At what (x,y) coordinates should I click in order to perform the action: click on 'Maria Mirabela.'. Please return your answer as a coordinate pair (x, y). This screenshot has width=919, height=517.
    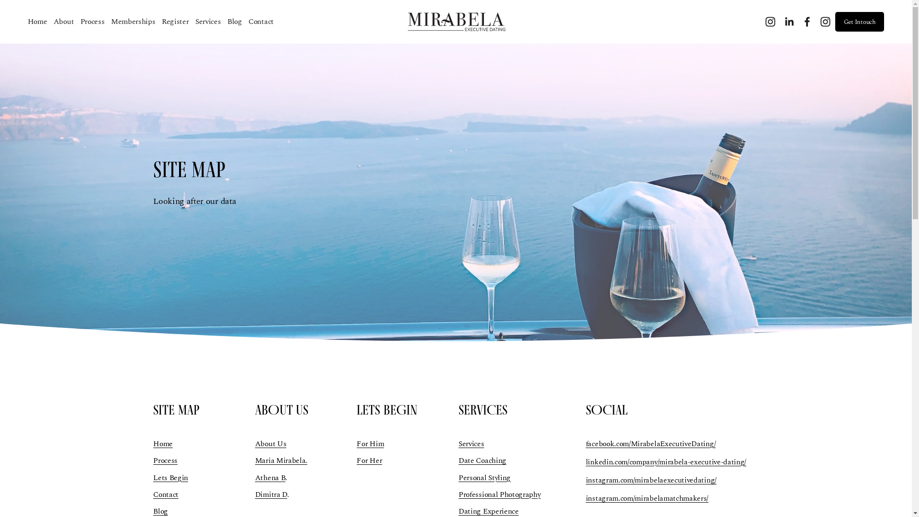
    Looking at the image, I should click on (280, 460).